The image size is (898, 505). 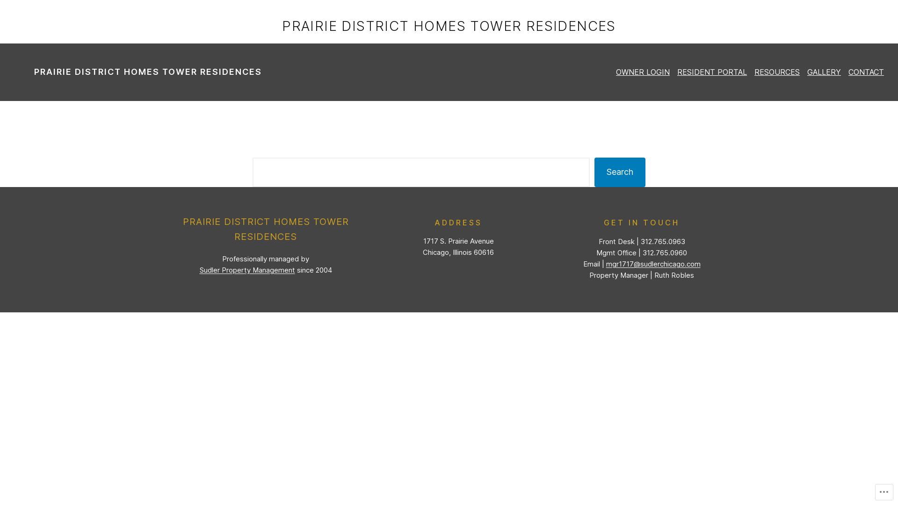 I want to click on 'mgr1717@sudlerchicago.com', so click(x=606, y=264).